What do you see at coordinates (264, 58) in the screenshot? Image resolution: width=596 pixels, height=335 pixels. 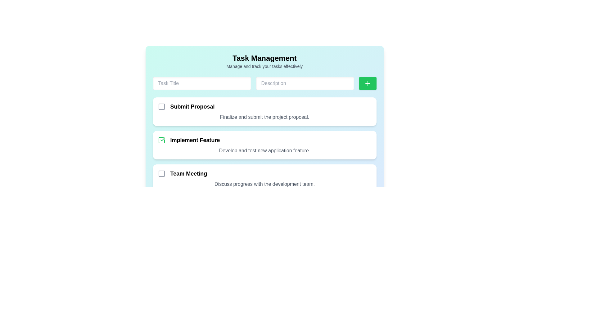 I see `text from the prominent heading labeled 'Task Management' which is styled in bold and large font against a light blue background, positioned at the center of the interface` at bounding box center [264, 58].